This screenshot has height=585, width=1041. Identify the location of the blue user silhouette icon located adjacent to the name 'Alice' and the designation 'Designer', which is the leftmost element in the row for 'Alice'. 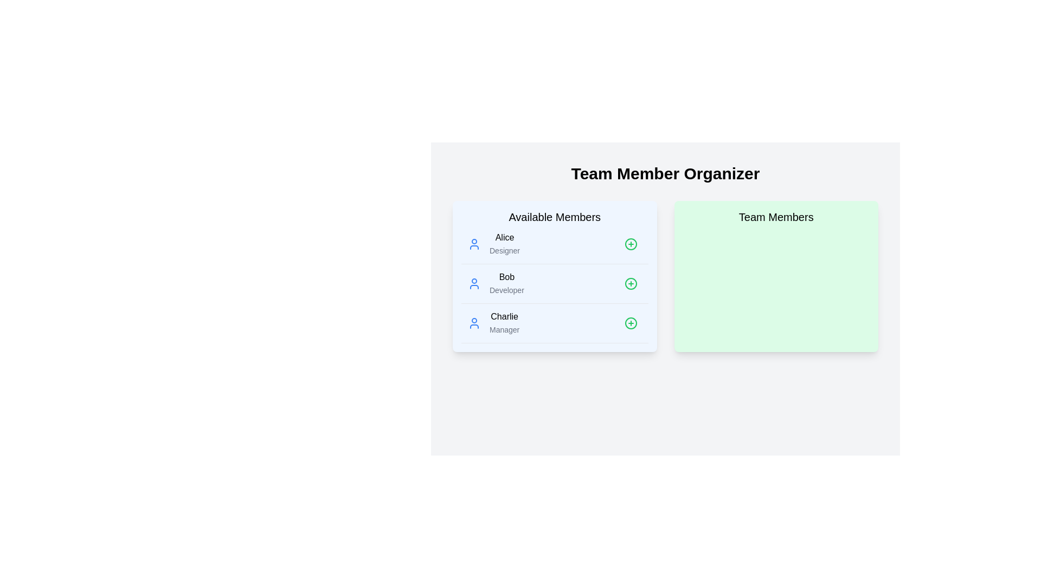
(474, 244).